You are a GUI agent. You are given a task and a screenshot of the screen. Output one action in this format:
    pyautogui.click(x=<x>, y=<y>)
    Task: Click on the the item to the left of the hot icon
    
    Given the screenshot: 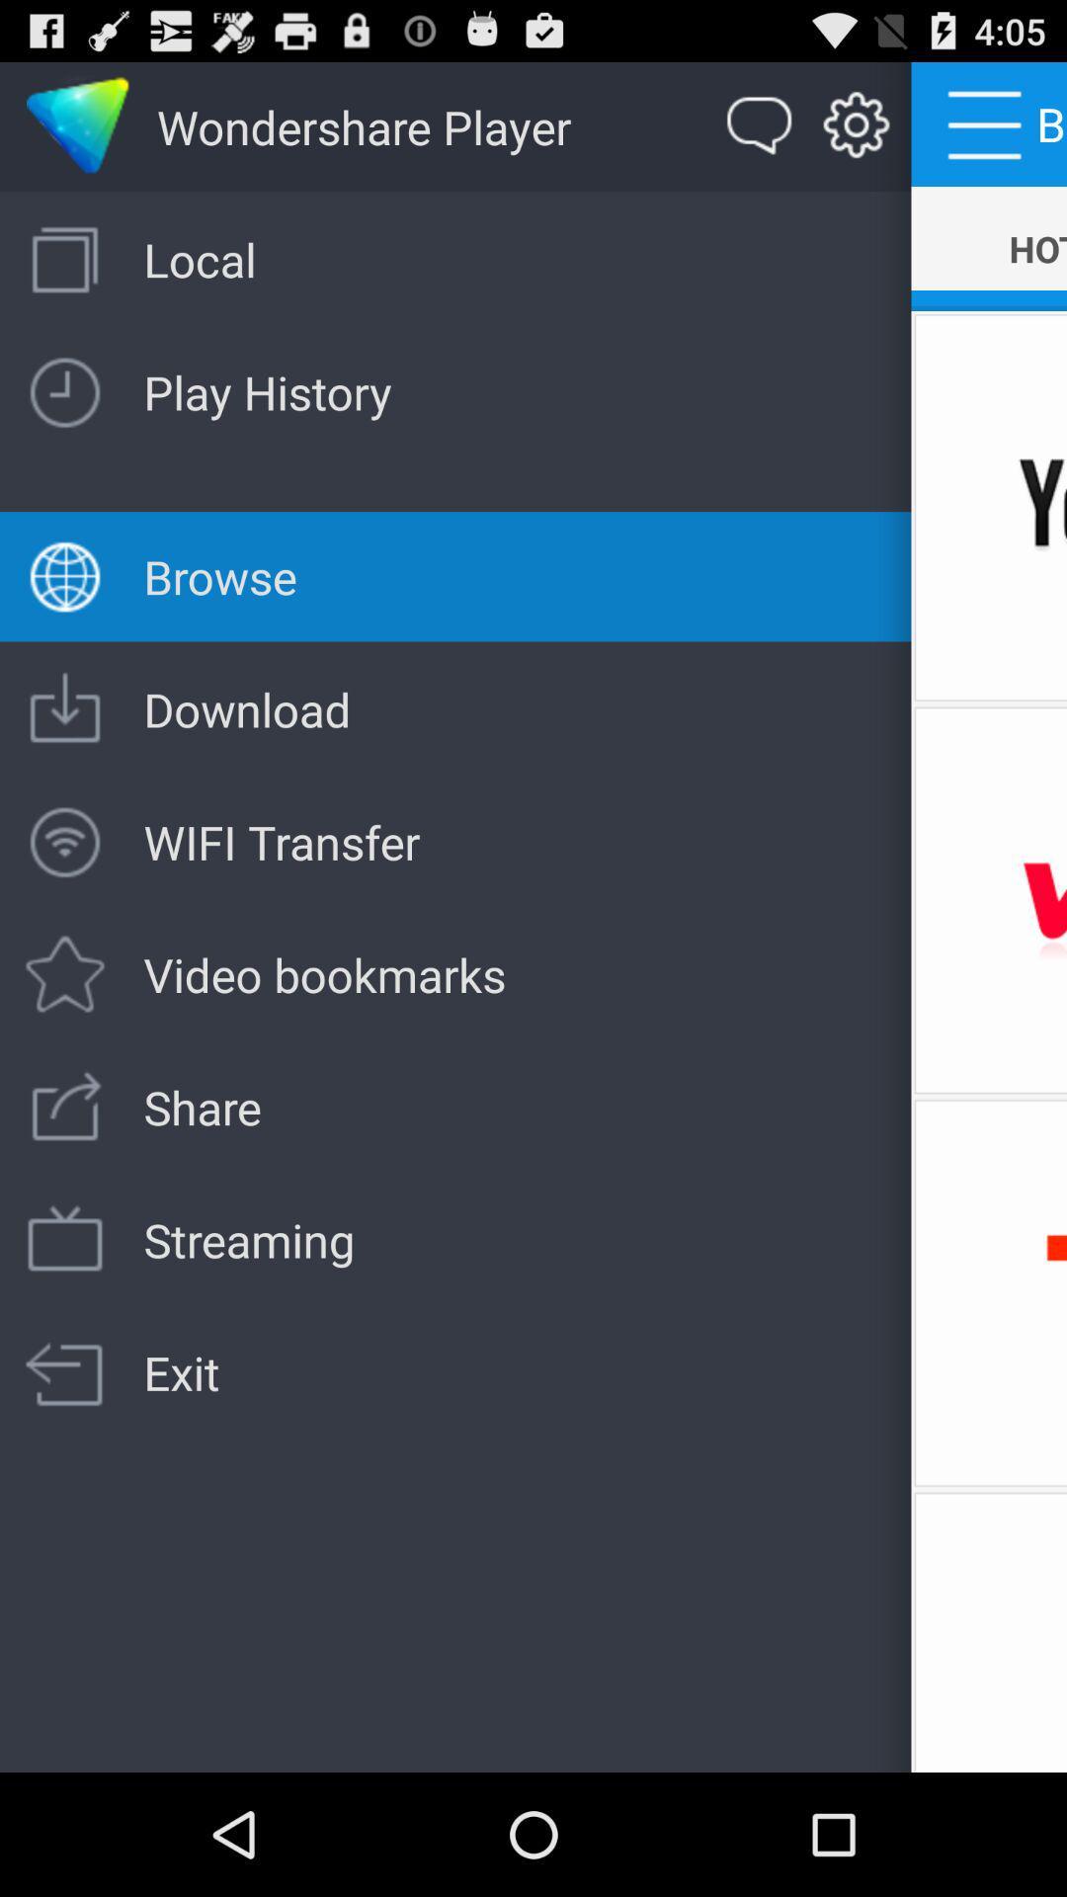 What is the action you would take?
    pyautogui.click(x=856, y=125)
    